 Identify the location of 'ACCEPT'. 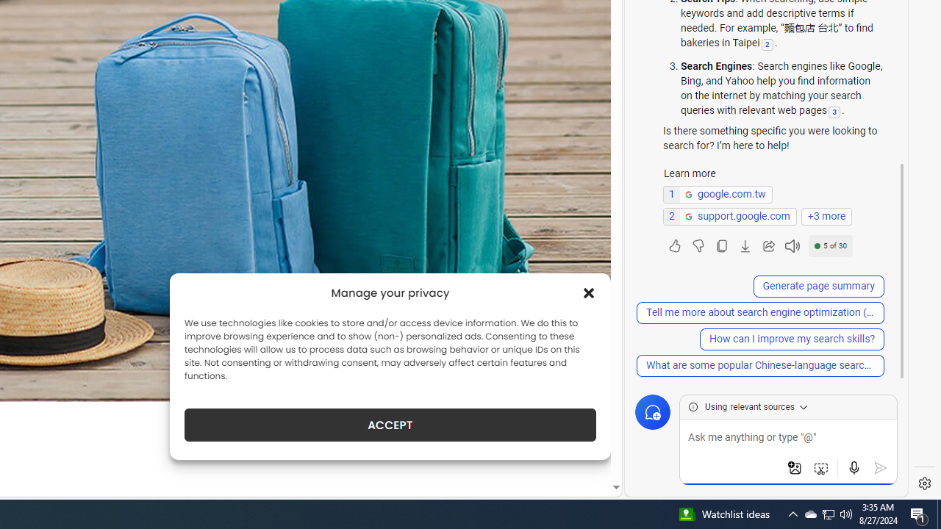
(390, 425).